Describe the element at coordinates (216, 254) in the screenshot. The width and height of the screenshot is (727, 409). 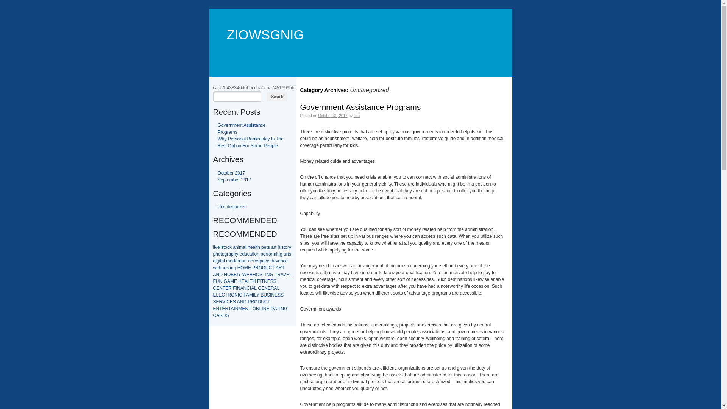
I see `'h'` at that location.